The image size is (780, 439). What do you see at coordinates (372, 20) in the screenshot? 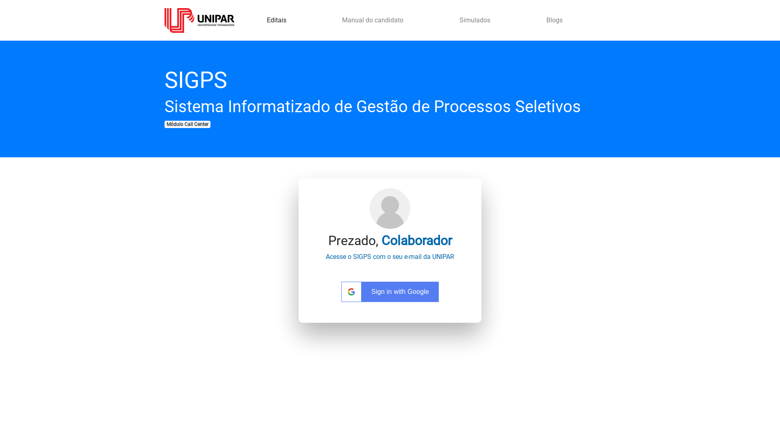
I see `'Manual do candidato'` at bounding box center [372, 20].